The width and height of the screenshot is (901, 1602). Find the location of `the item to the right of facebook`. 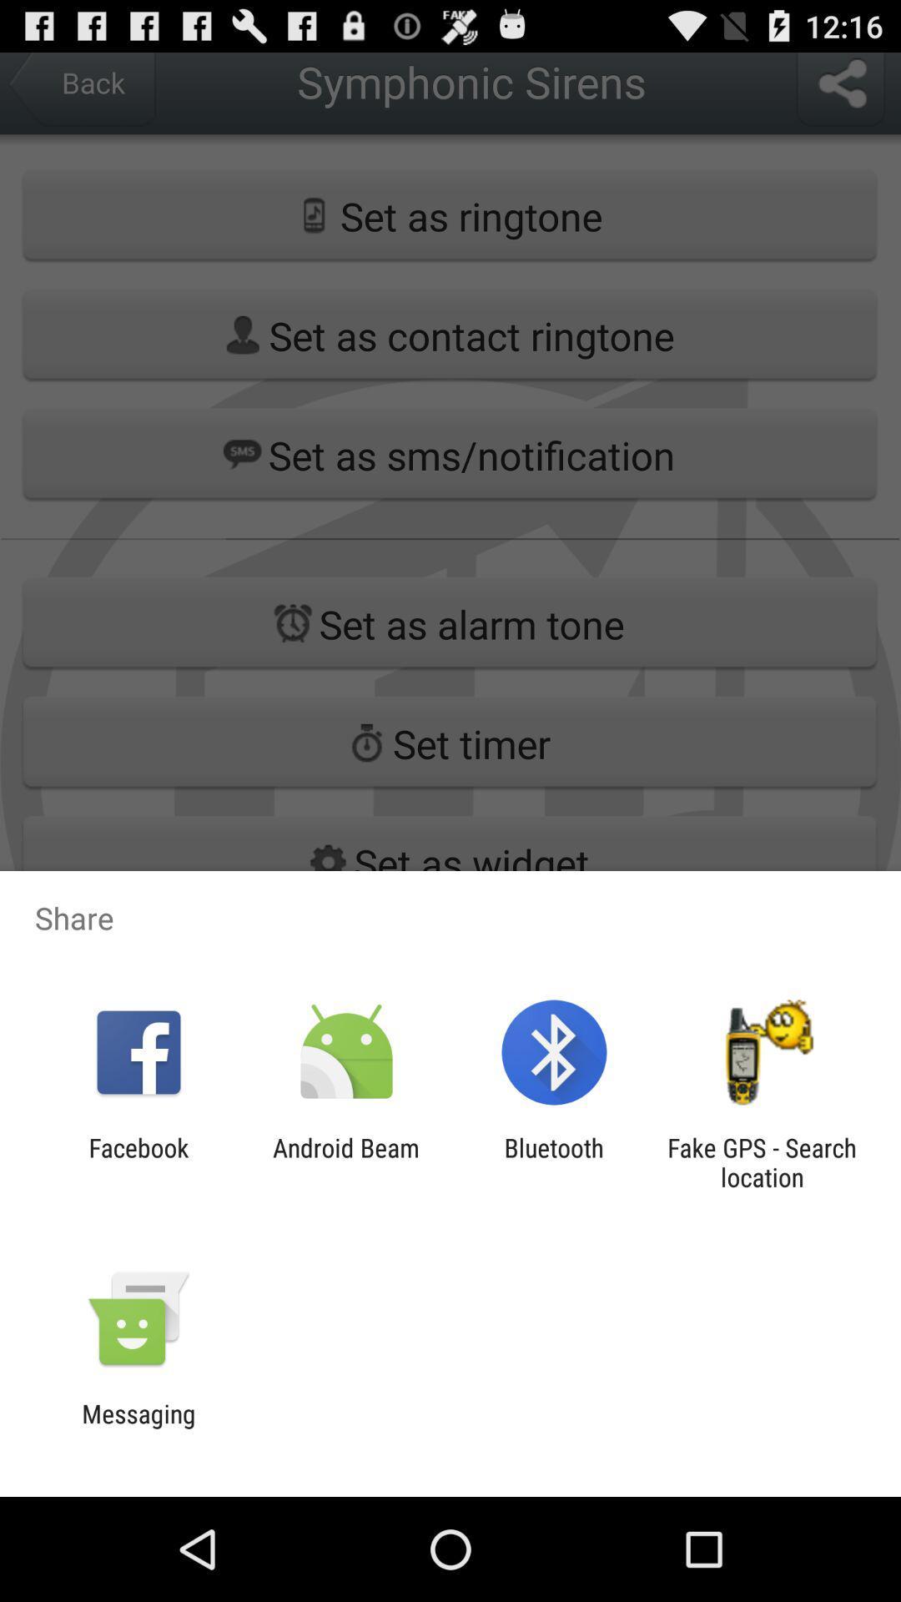

the item to the right of facebook is located at coordinates (345, 1161).